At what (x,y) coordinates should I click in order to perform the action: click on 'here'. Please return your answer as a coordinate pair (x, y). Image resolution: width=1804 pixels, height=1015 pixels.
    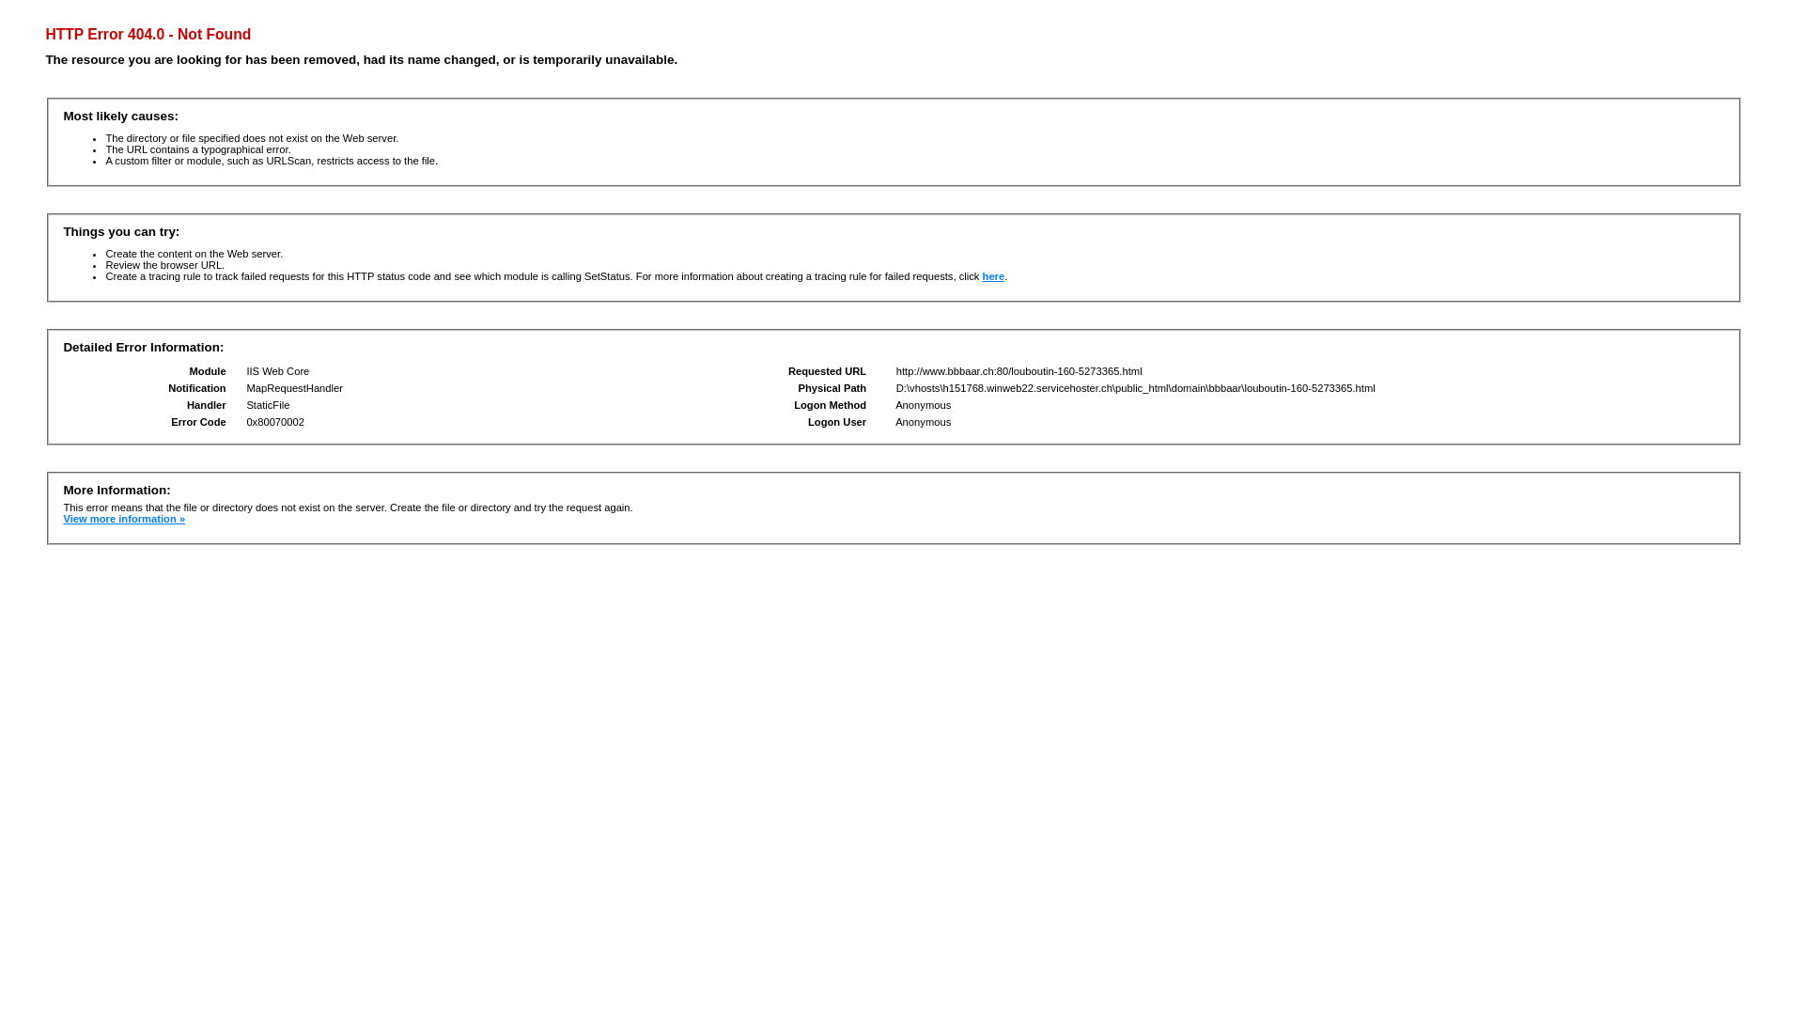
    Looking at the image, I should click on (992, 275).